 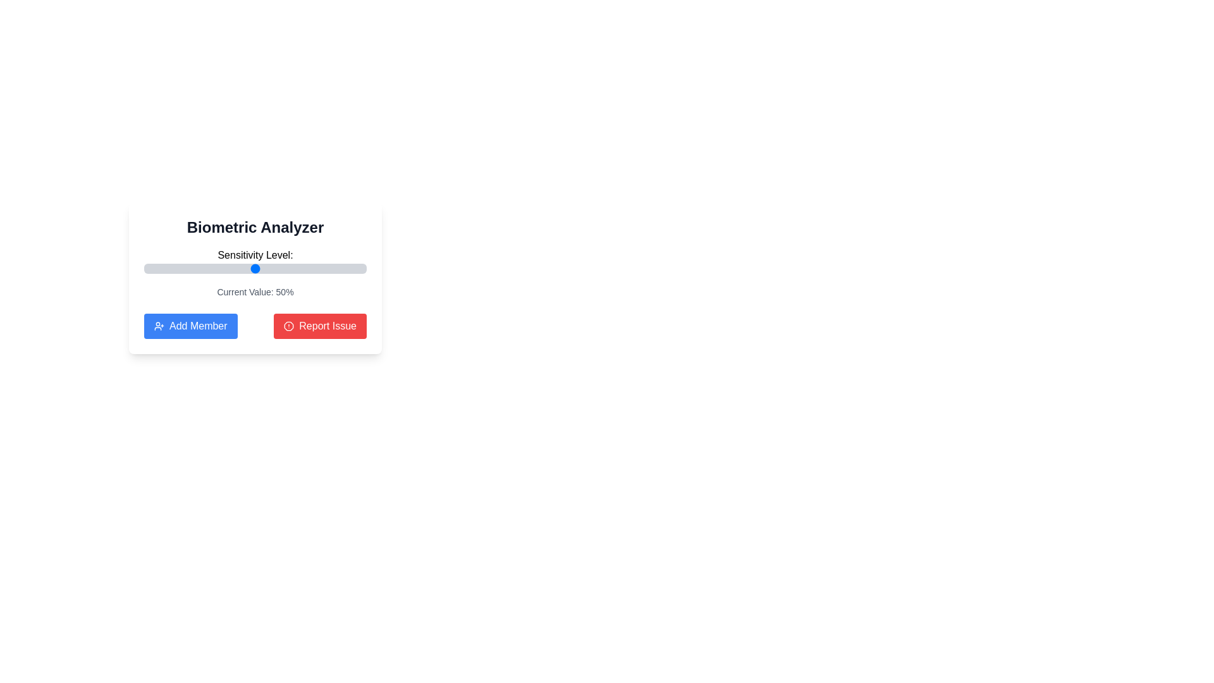 What do you see at coordinates (170, 268) in the screenshot?
I see `the sensitivity level` at bounding box center [170, 268].